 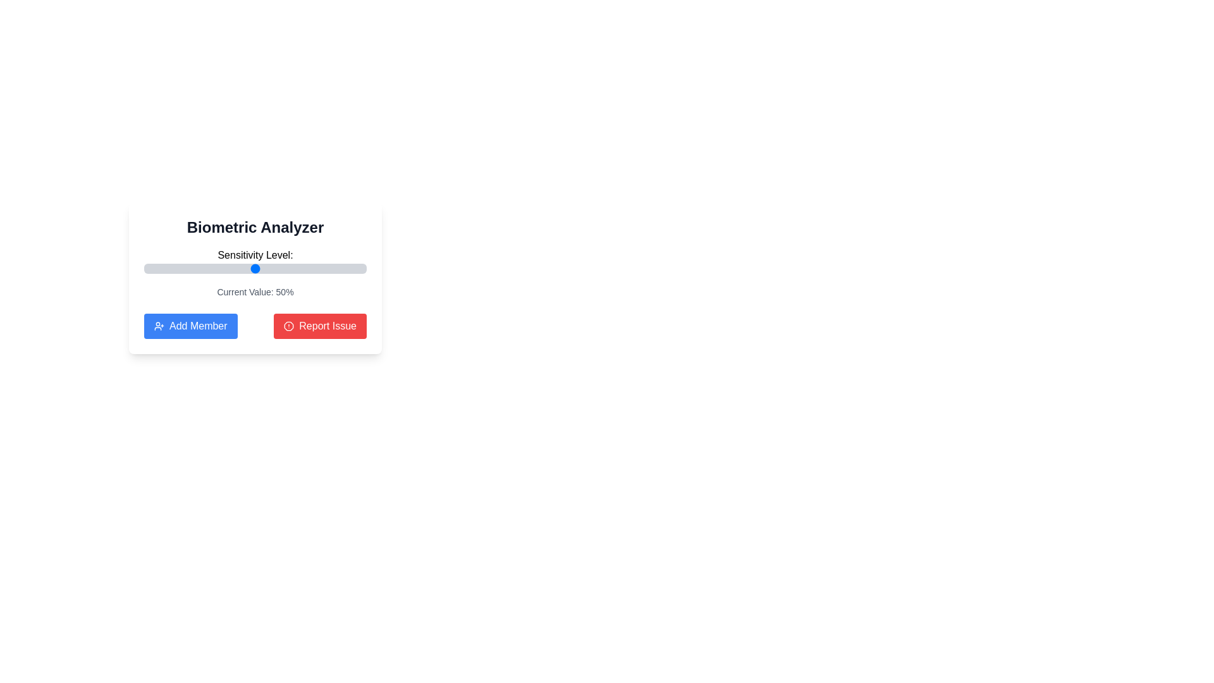 What do you see at coordinates (170, 268) in the screenshot?
I see `the sensitivity level` at bounding box center [170, 268].